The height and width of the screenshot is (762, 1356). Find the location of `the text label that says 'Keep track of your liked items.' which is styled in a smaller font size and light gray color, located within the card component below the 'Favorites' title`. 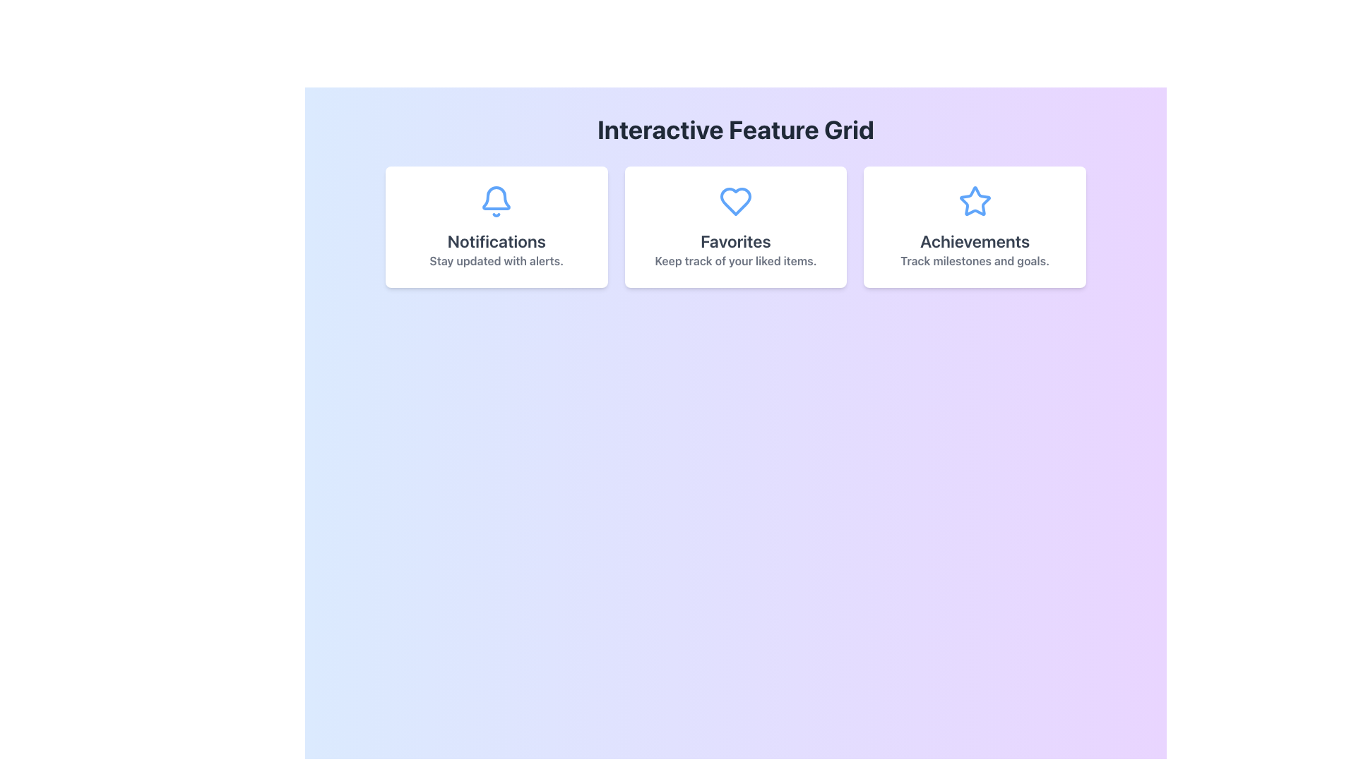

the text label that says 'Keep track of your liked items.' which is styled in a smaller font size and light gray color, located within the card component below the 'Favorites' title is located at coordinates (734, 261).